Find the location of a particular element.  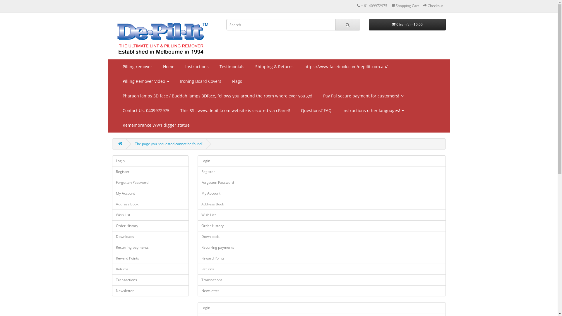

'Contact Us: 0409972975' is located at coordinates (116, 111).